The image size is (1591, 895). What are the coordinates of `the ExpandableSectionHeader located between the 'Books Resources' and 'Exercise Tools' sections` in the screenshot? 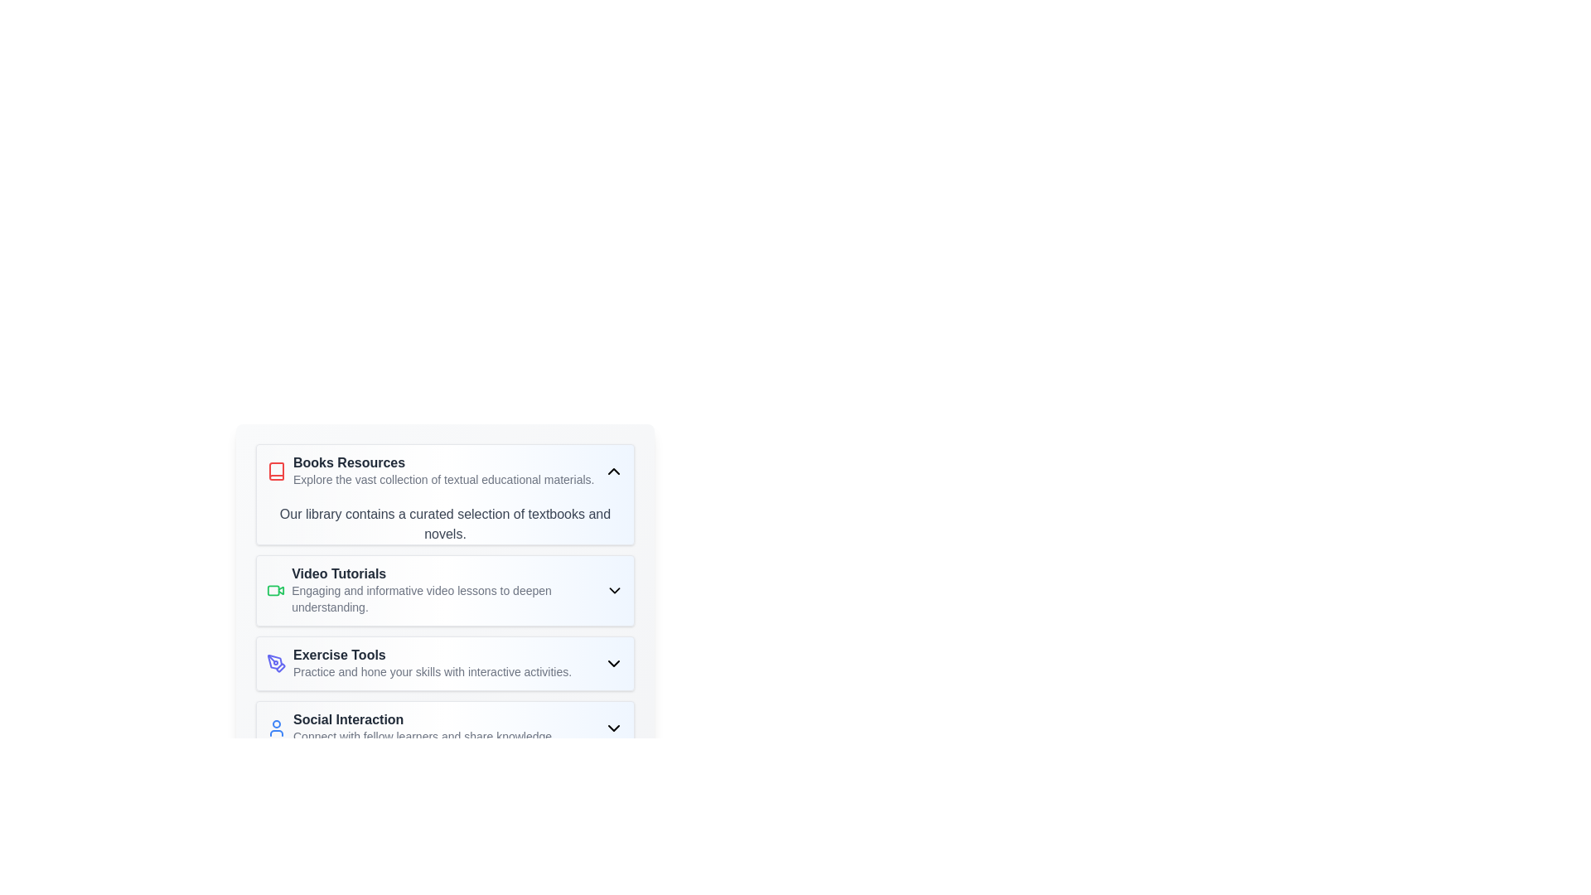 It's located at (445, 570).